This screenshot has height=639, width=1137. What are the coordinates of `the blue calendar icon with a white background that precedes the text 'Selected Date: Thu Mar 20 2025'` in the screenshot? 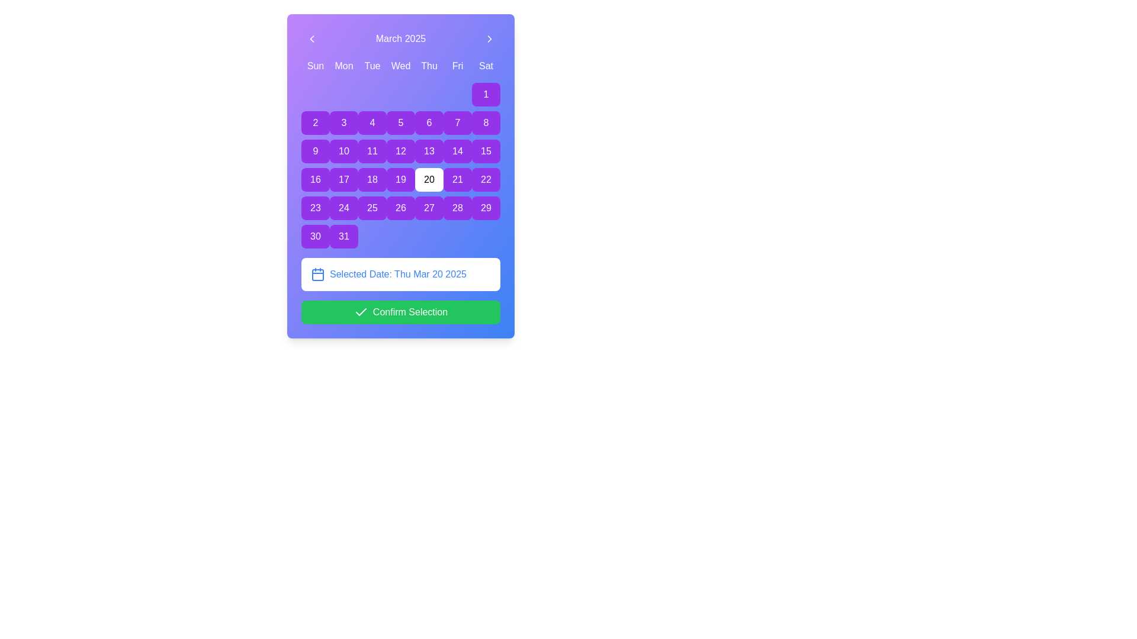 It's located at (318, 274).